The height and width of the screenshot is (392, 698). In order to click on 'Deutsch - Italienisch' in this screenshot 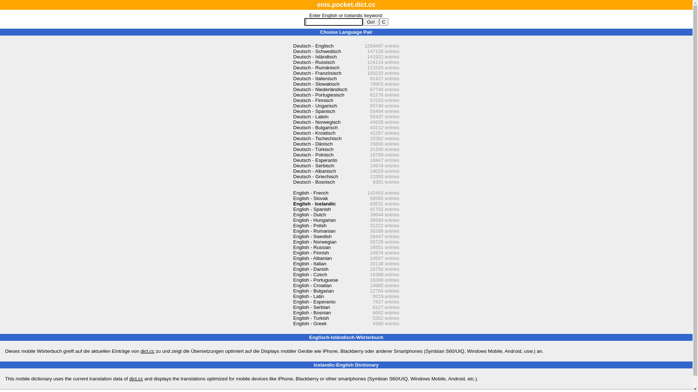, I will do `click(293, 78)`.